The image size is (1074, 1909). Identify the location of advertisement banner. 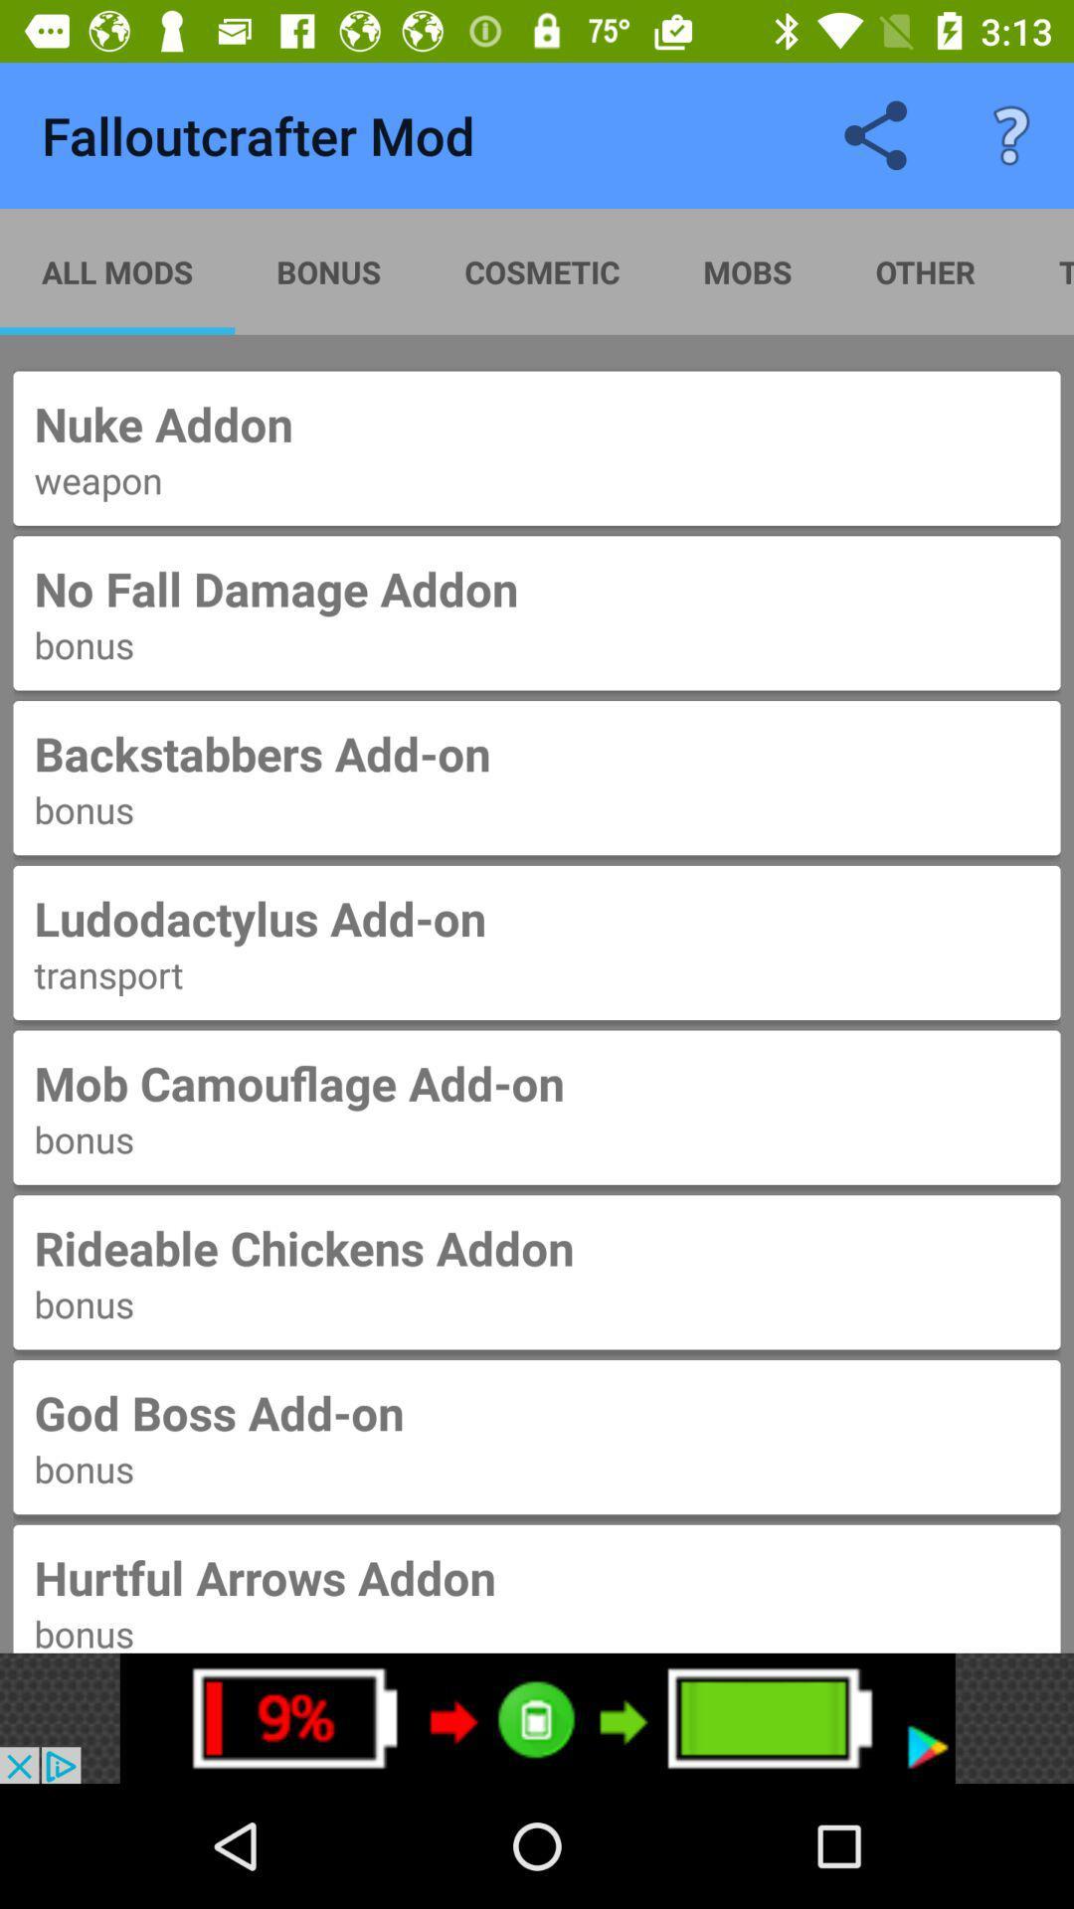
(537, 1717).